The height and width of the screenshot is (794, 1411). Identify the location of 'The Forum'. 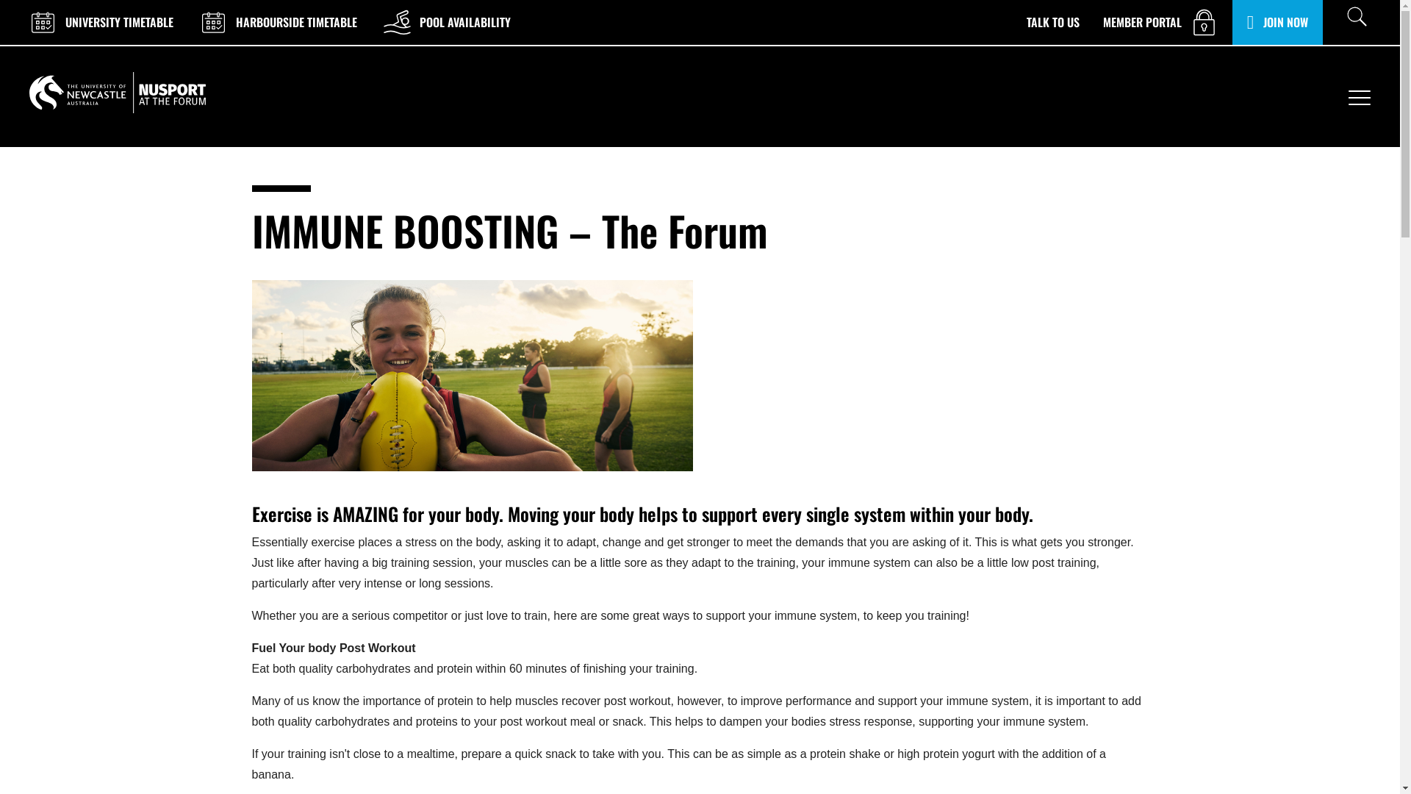
(116, 93).